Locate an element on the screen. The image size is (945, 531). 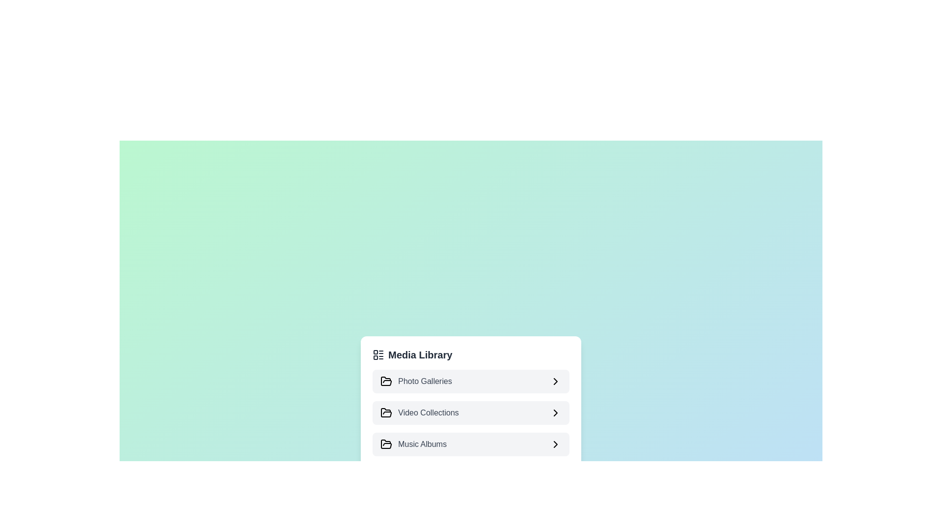
the item Photo Galleries to observe its hover effect is located at coordinates (470, 381).